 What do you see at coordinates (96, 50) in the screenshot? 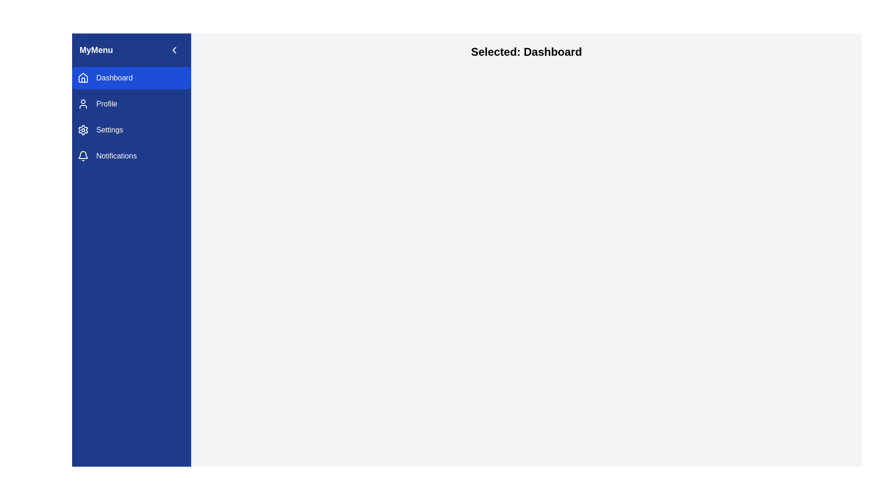
I see `the text label that serves as a title for the menu panel, located at the top-left corner of the side menu` at bounding box center [96, 50].